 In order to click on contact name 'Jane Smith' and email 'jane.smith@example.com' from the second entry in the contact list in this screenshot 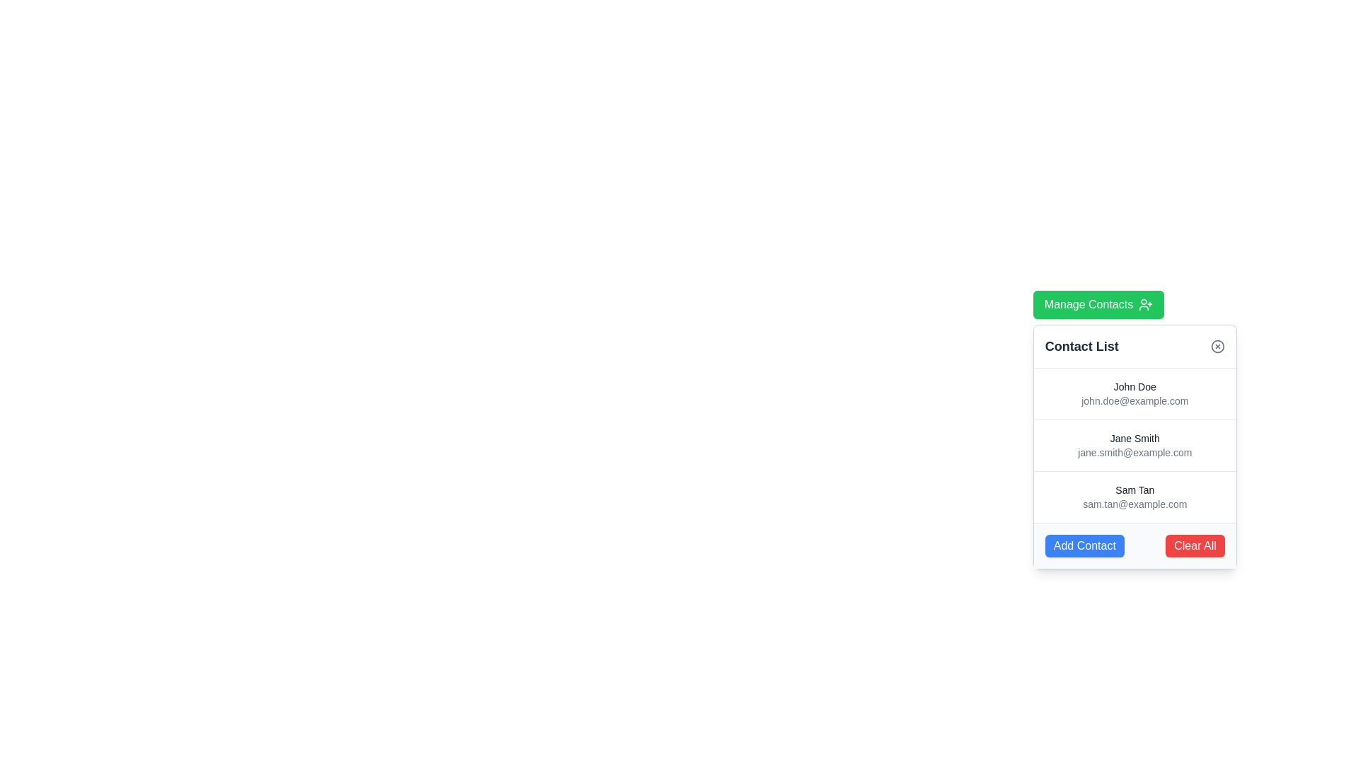, I will do `click(1134, 444)`.